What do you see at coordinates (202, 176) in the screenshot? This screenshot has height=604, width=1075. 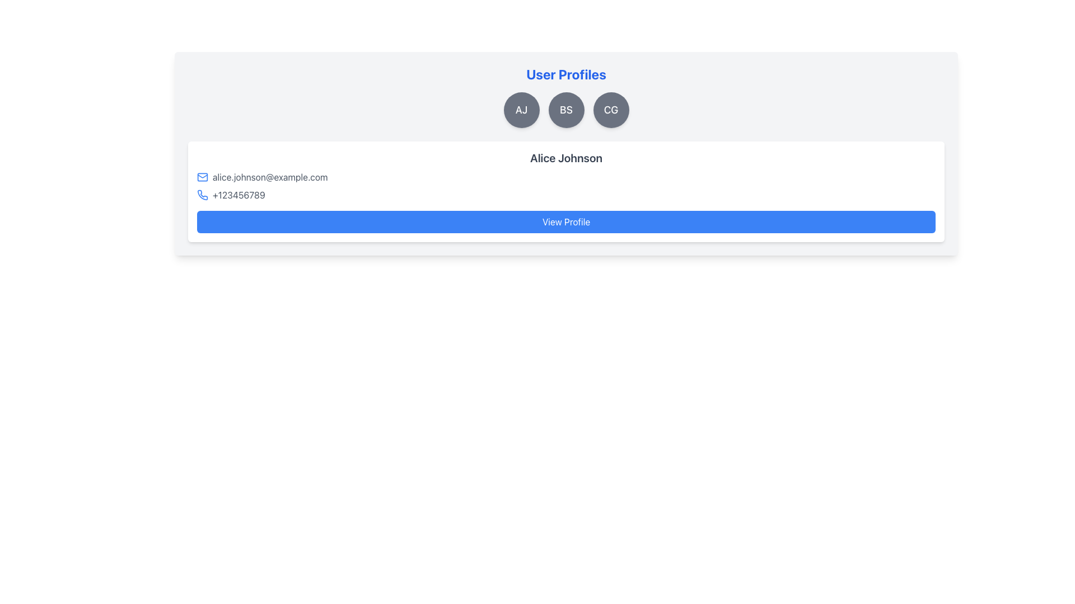 I see `the email address icon located to the left of the text 'alice.johnson@example.com' within the contact information elements` at bounding box center [202, 176].